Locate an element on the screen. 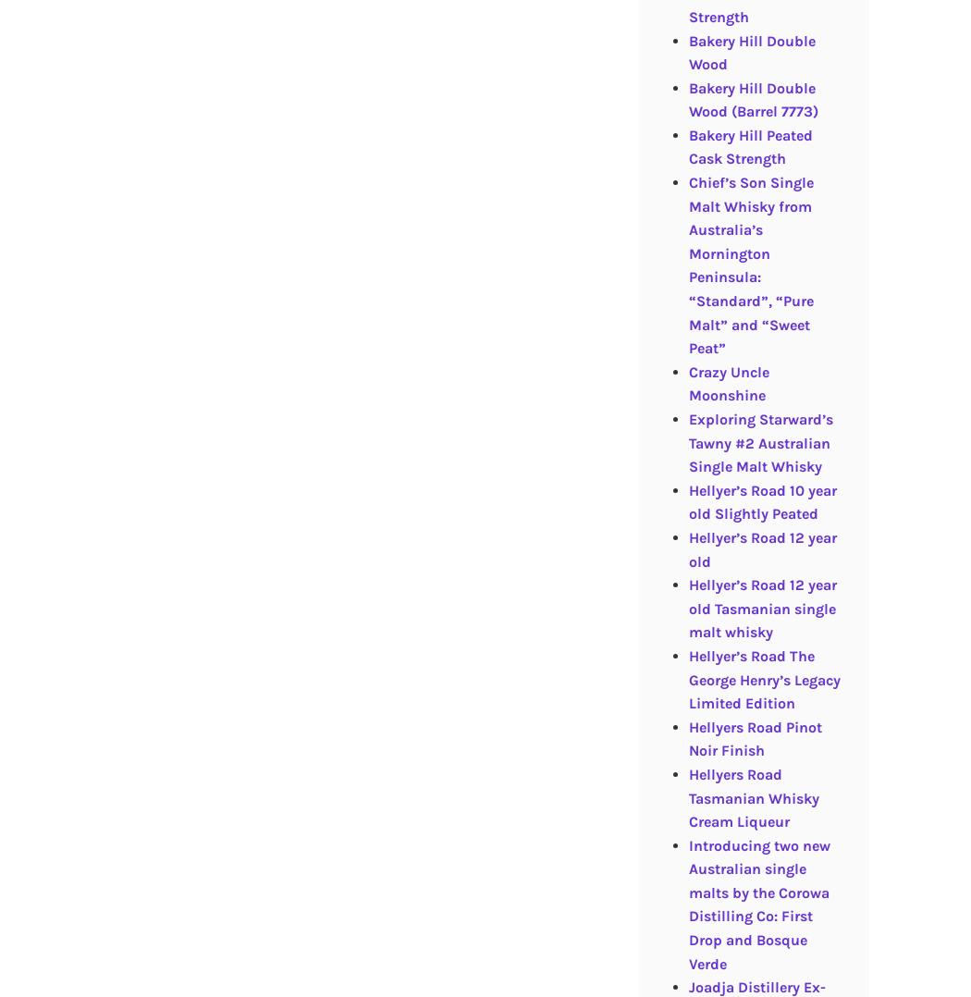 Image resolution: width=971 pixels, height=997 pixels. 'Crazy Uncle Moonshine' is located at coordinates (728, 382).